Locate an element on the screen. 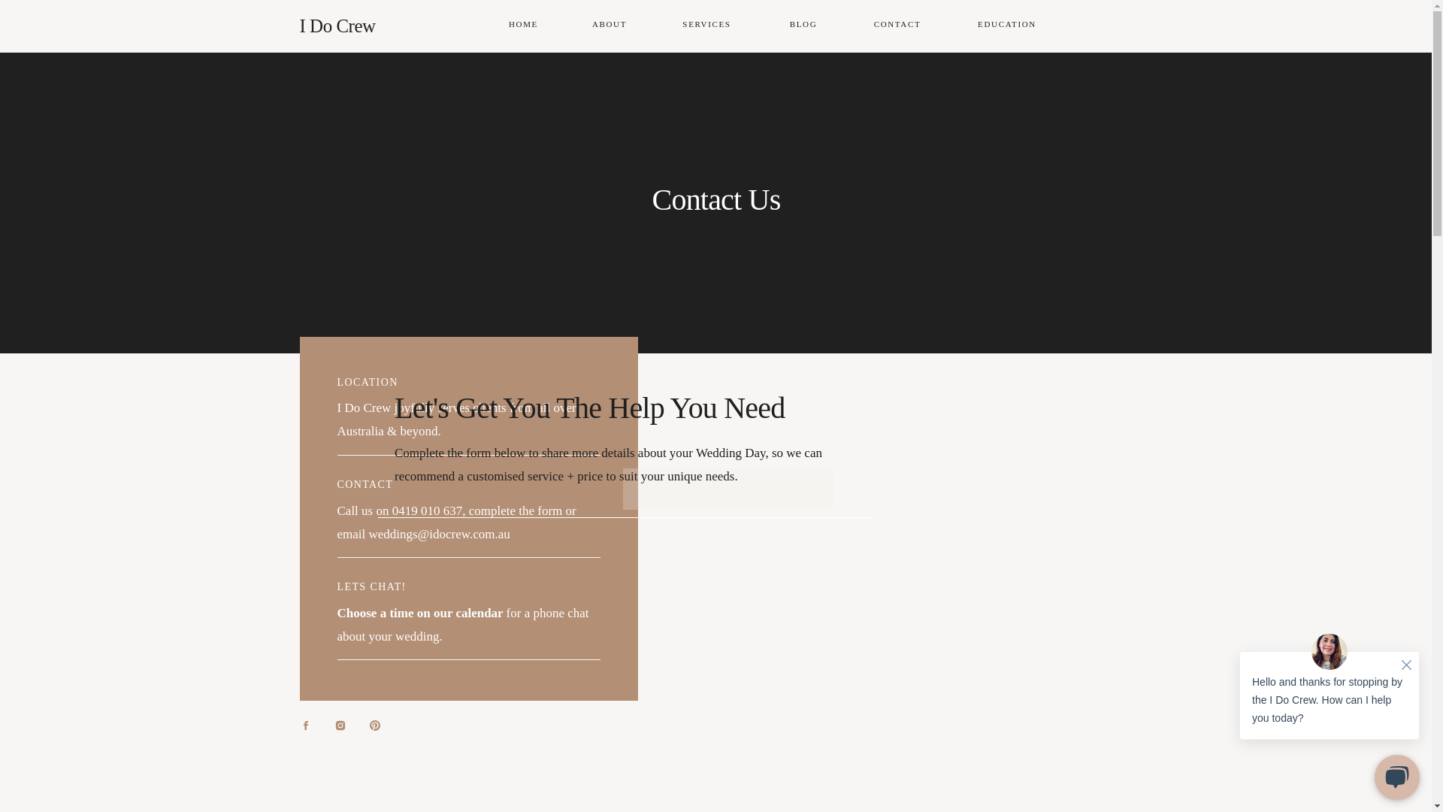 The width and height of the screenshot is (1443, 812). 'CONTACT' is located at coordinates (897, 26).